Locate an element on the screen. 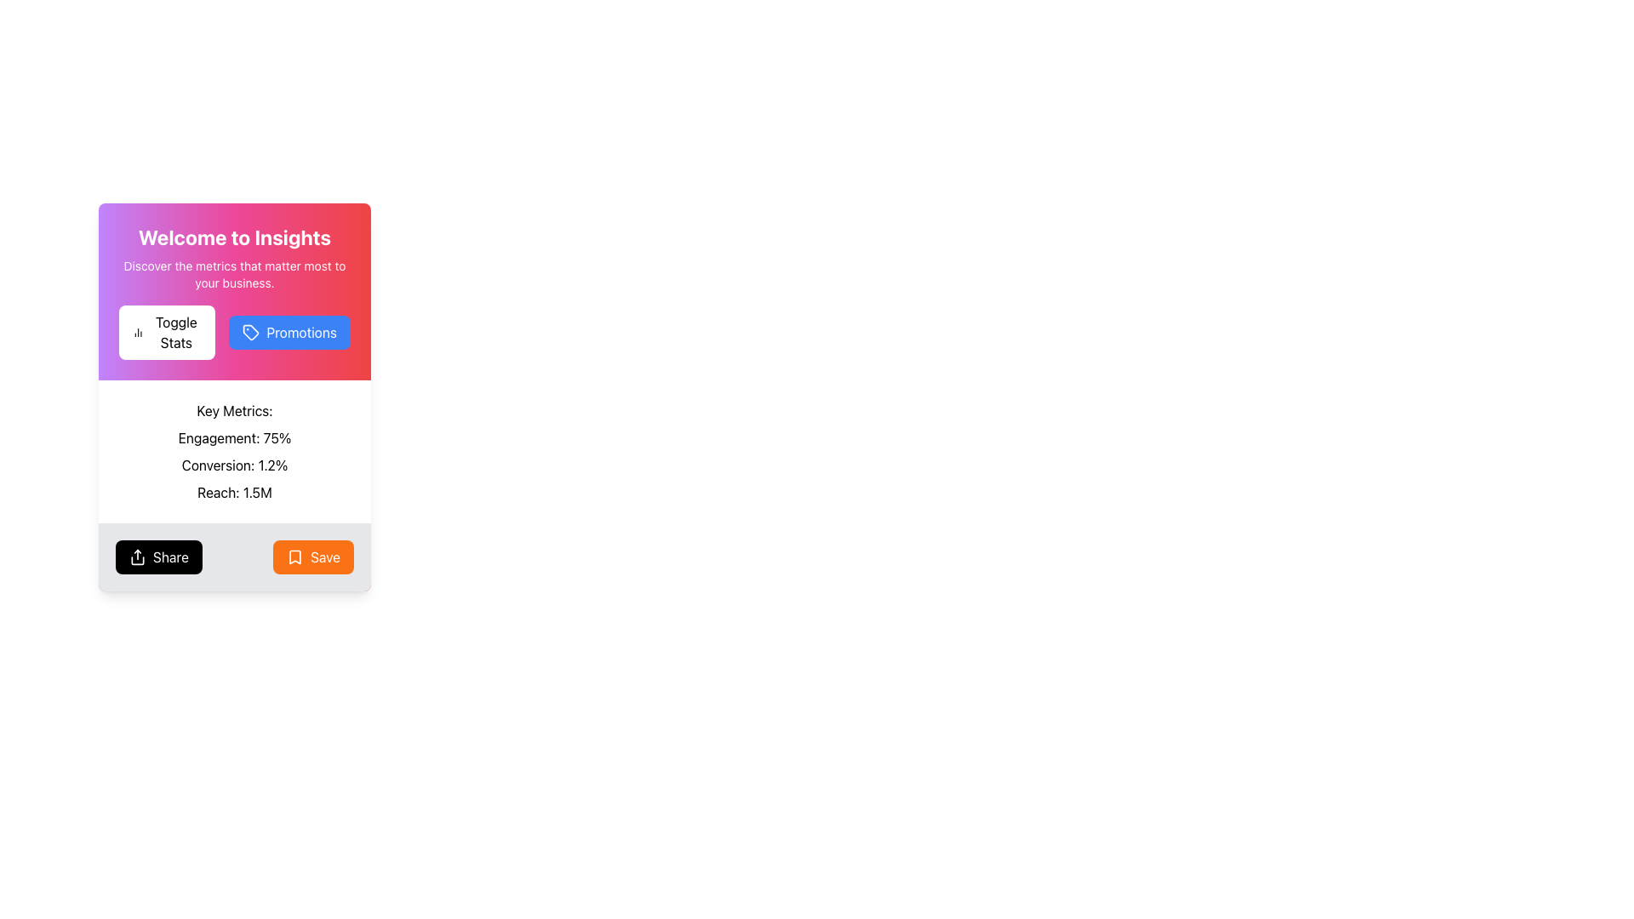 Image resolution: width=1634 pixels, height=919 pixels. text content from the Introductory section titled 'Welcome to Insights' which includes the subtitle 'Discover the metrics that matter most to your business.' is located at coordinates (233, 291).